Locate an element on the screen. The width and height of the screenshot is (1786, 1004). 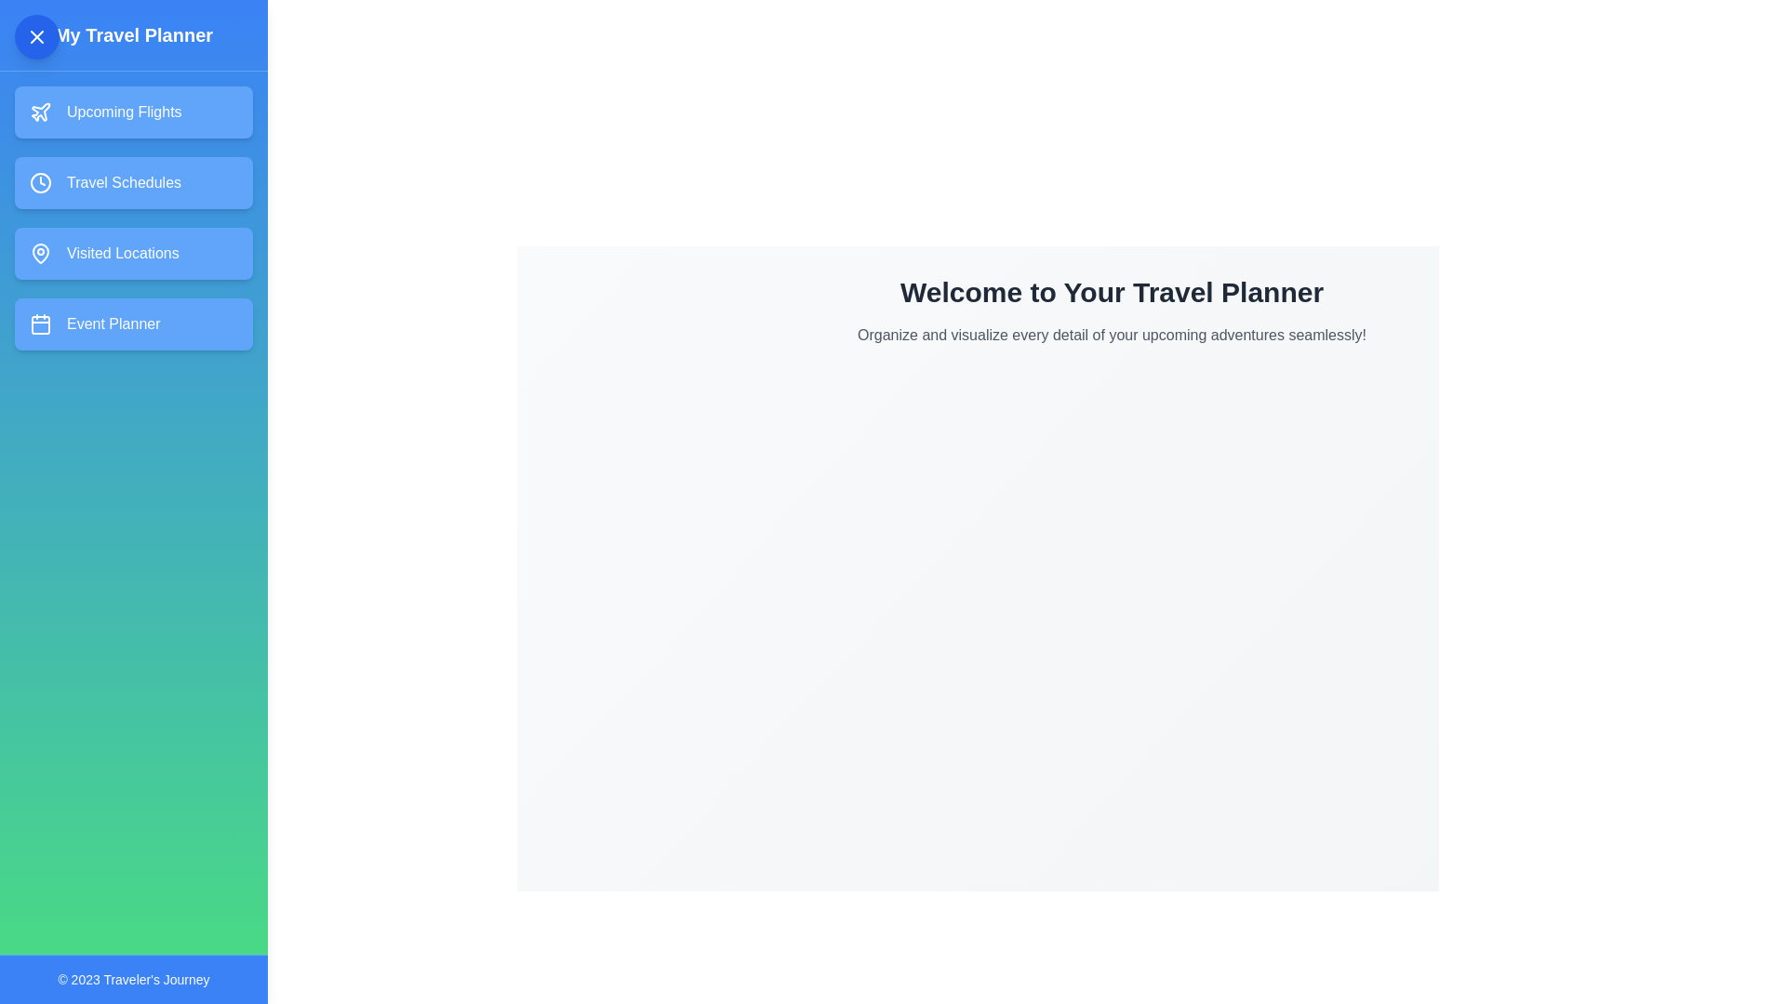
header text element which conveys the purpose of the application, located at the top portion of the main content section is located at coordinates (1112, 293).